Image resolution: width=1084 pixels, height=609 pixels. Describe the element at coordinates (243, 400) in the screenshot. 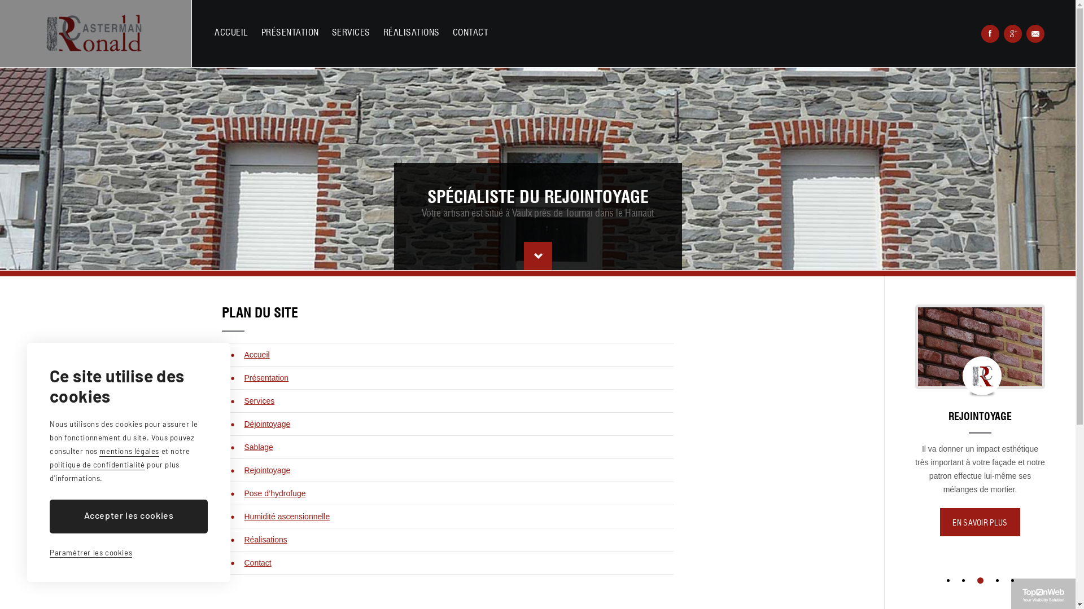

I see `'Services'` at that location.